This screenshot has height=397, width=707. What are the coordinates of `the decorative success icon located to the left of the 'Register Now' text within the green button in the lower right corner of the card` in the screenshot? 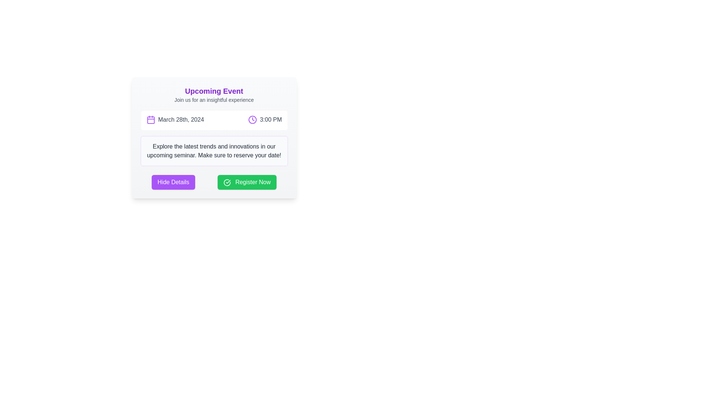 It's located at (226, 182).